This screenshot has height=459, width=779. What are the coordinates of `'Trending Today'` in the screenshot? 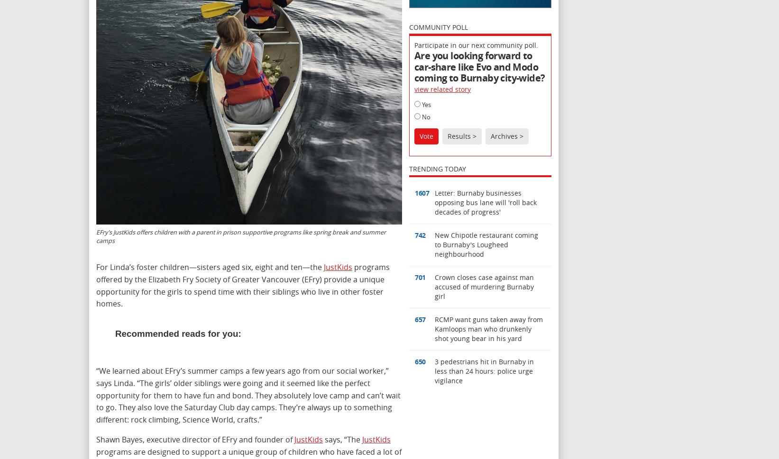 It's located at (438, 169).